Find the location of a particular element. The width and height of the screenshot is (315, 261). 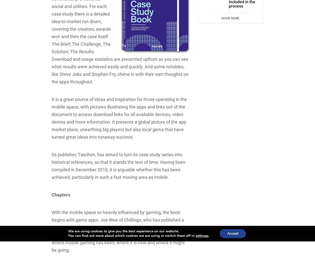

'Its publisher, Taschen, has aimed to turn its case study series into historical references, so that it stands the test of time. Having been compiled in December 2010, it is arguable whether this has been achieved, particularly in such a fast moving area as mobile.' is located at coordinates (118, 166).